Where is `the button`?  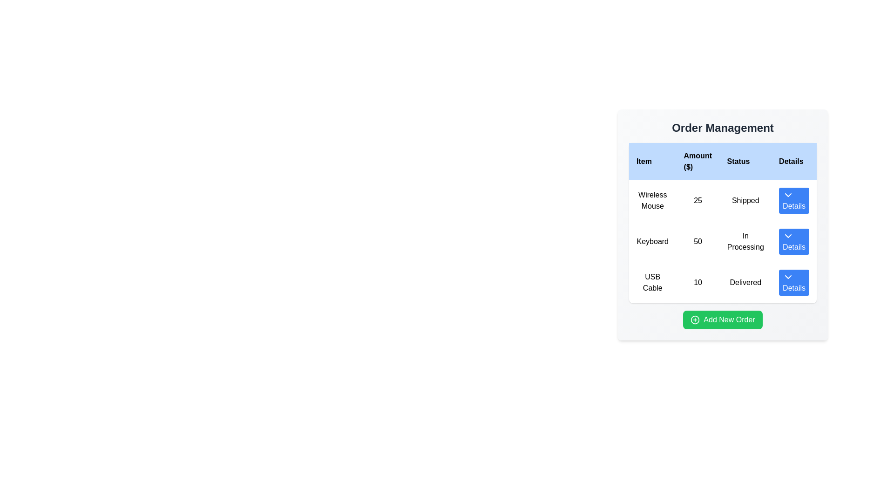 the button is located at coordinates (793, 200).